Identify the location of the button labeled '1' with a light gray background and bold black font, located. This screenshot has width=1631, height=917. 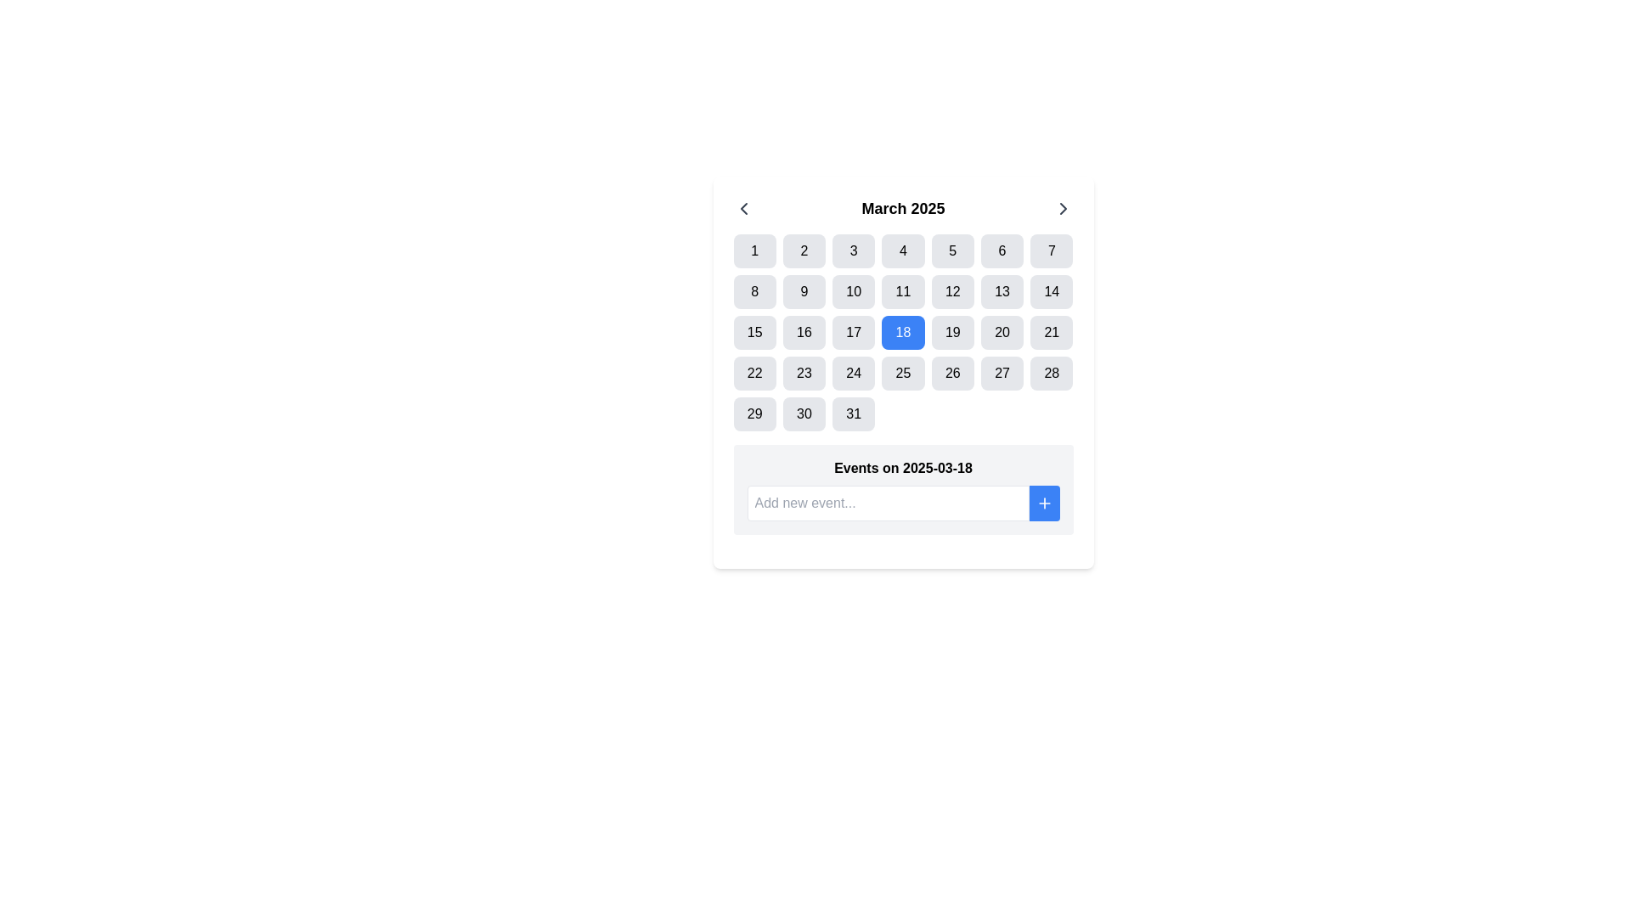
(753, 251).